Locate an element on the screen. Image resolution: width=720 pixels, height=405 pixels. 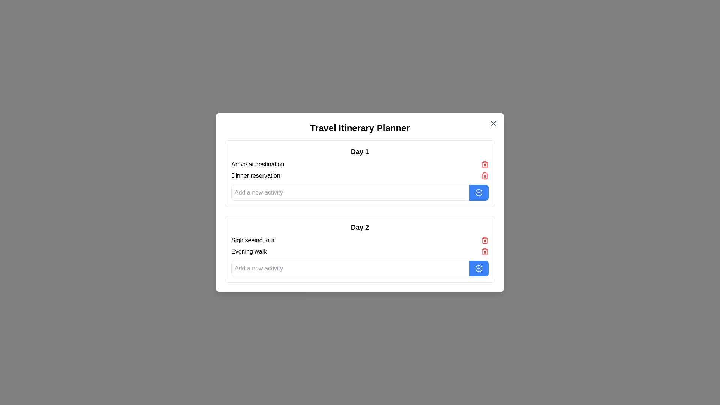
the delete icon button located in the 'Day 2' section of the 'Travel Itinerary Planner' interface is located at coordinates (484, 252).